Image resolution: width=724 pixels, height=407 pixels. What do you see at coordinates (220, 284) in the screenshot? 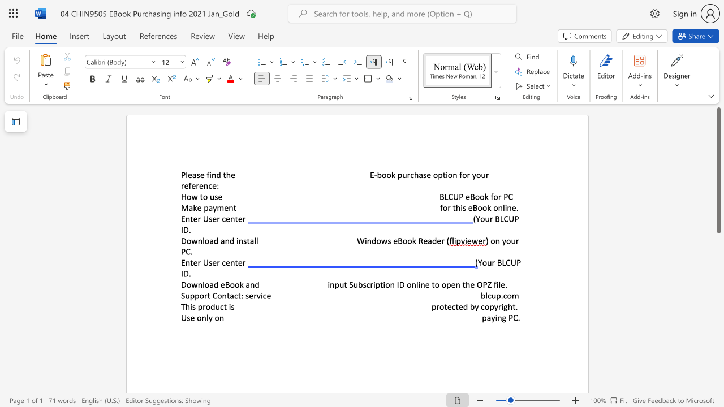
I see `the subset text "eBook" within the text "Download eBook and"` at bounding box center [220, 284].